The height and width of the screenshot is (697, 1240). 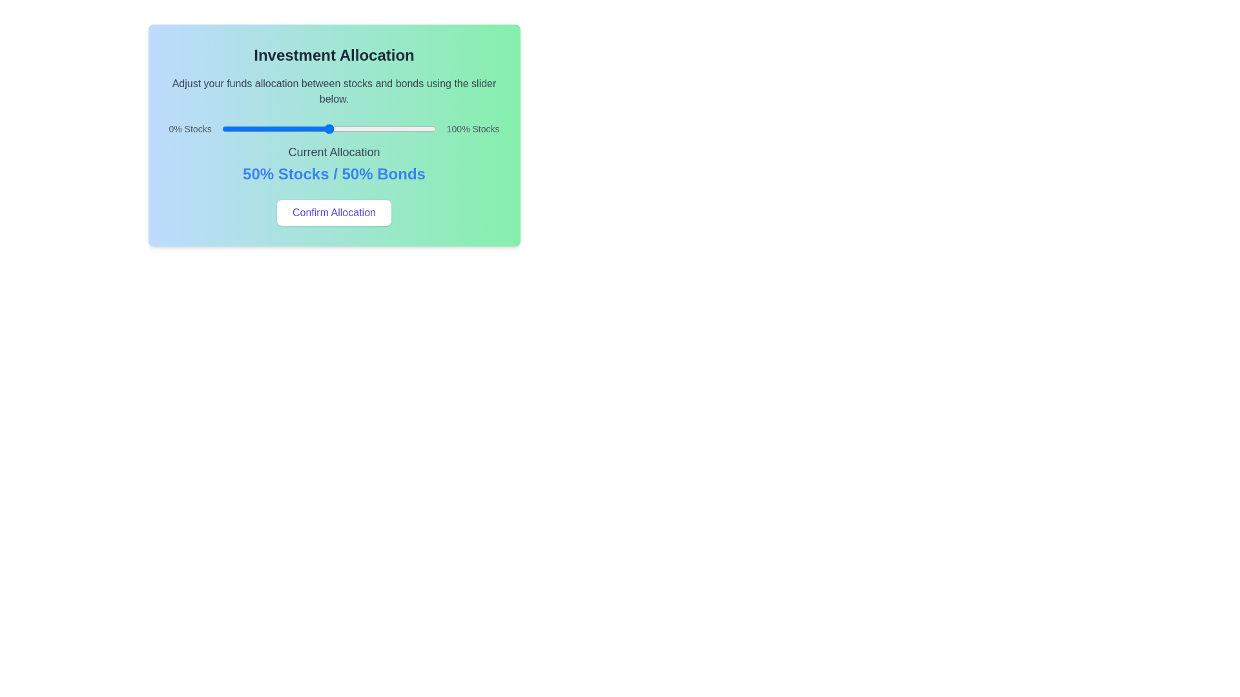 What do you see at coordinates (365, 129) in the screenshot?
I see `the slider to set the investment allocation to 67% of stocks` at bounding box center [365, 129].